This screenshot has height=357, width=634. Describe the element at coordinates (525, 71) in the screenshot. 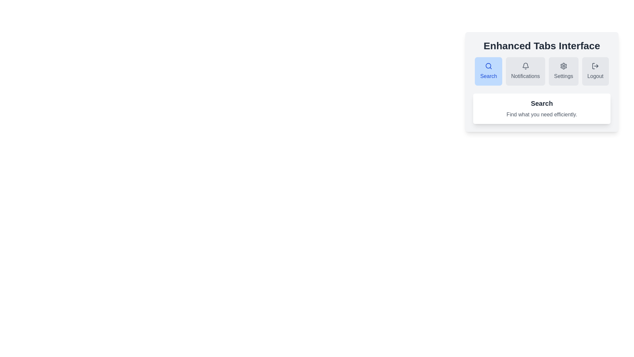

I see `the Notifications tab to observe its hover animation` at that location.